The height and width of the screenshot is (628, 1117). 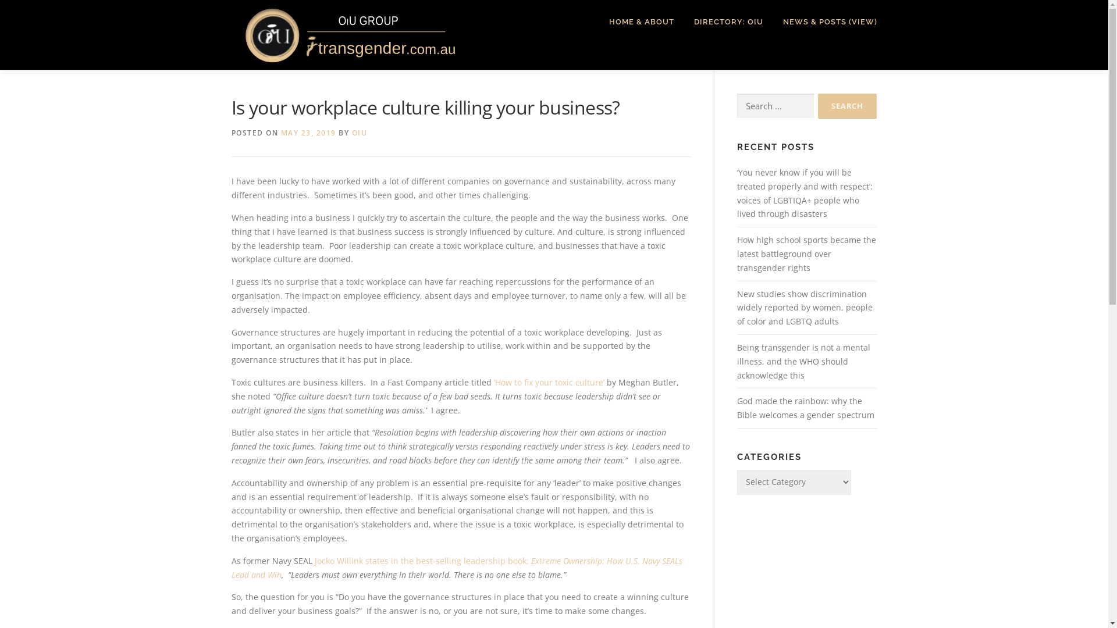 What do you see at coordinates (358, 132) in the screenshot?
I see `'OIU'` at bounding box center [358, 132].